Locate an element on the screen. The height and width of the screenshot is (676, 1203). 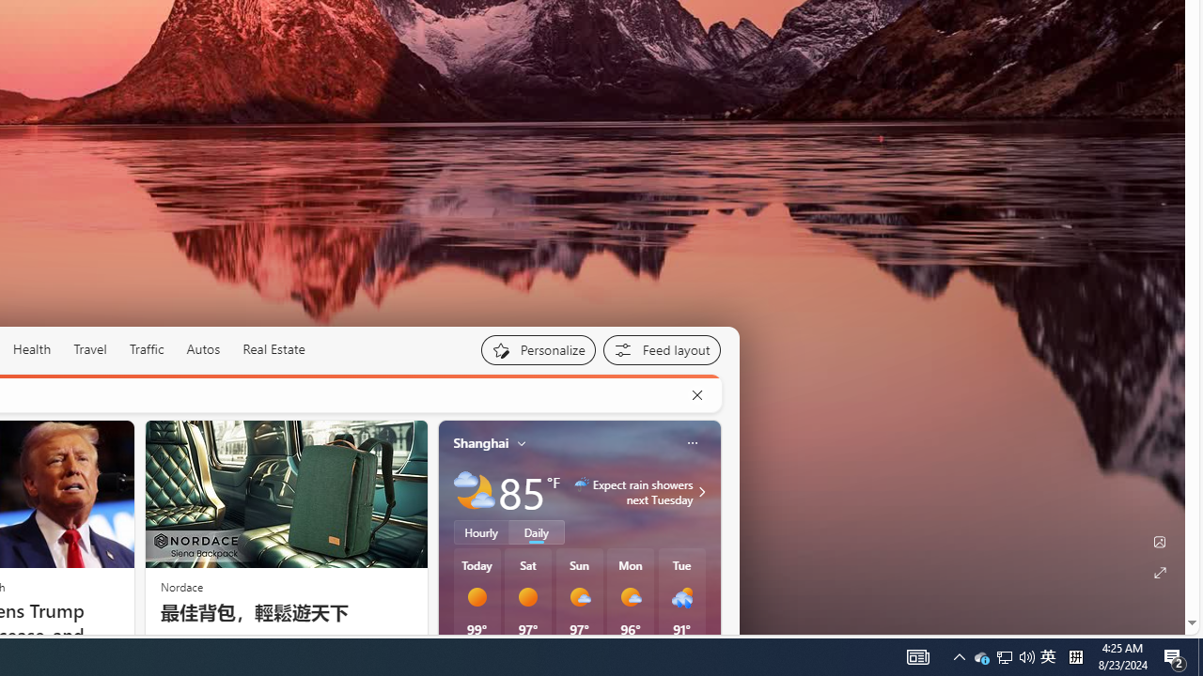
'Autos' is located at coordinates (203, 348).